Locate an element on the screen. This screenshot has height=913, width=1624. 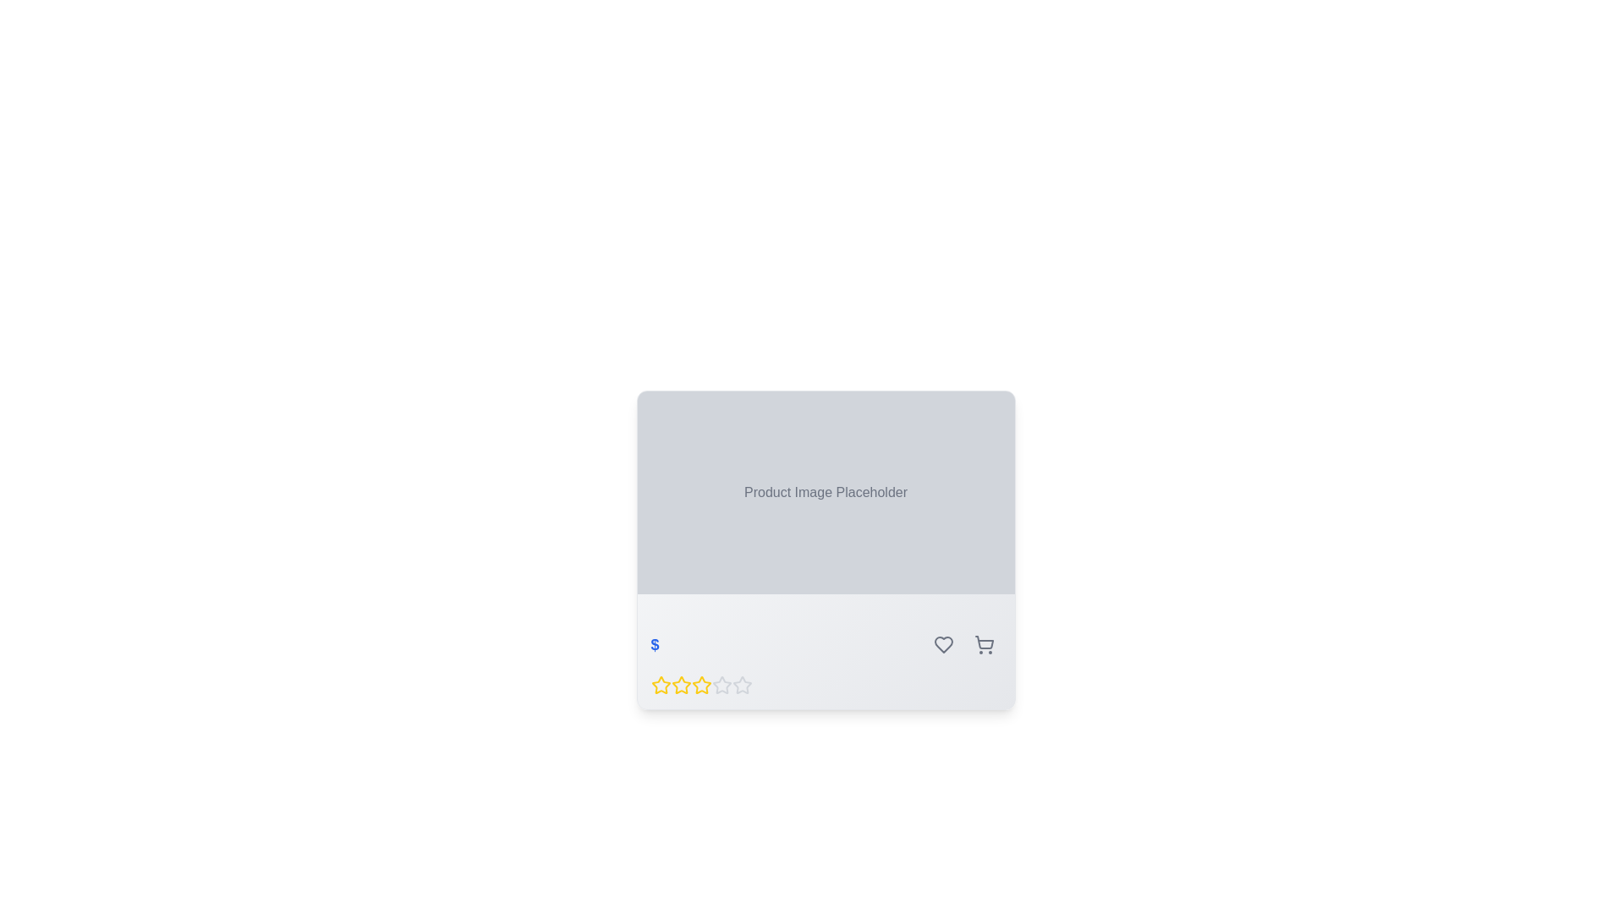
the Static Text displaying 'Product Image Placeholder' which is centrally aligned in a gray background panel within the product card layout is located at coordinates (826, 492).